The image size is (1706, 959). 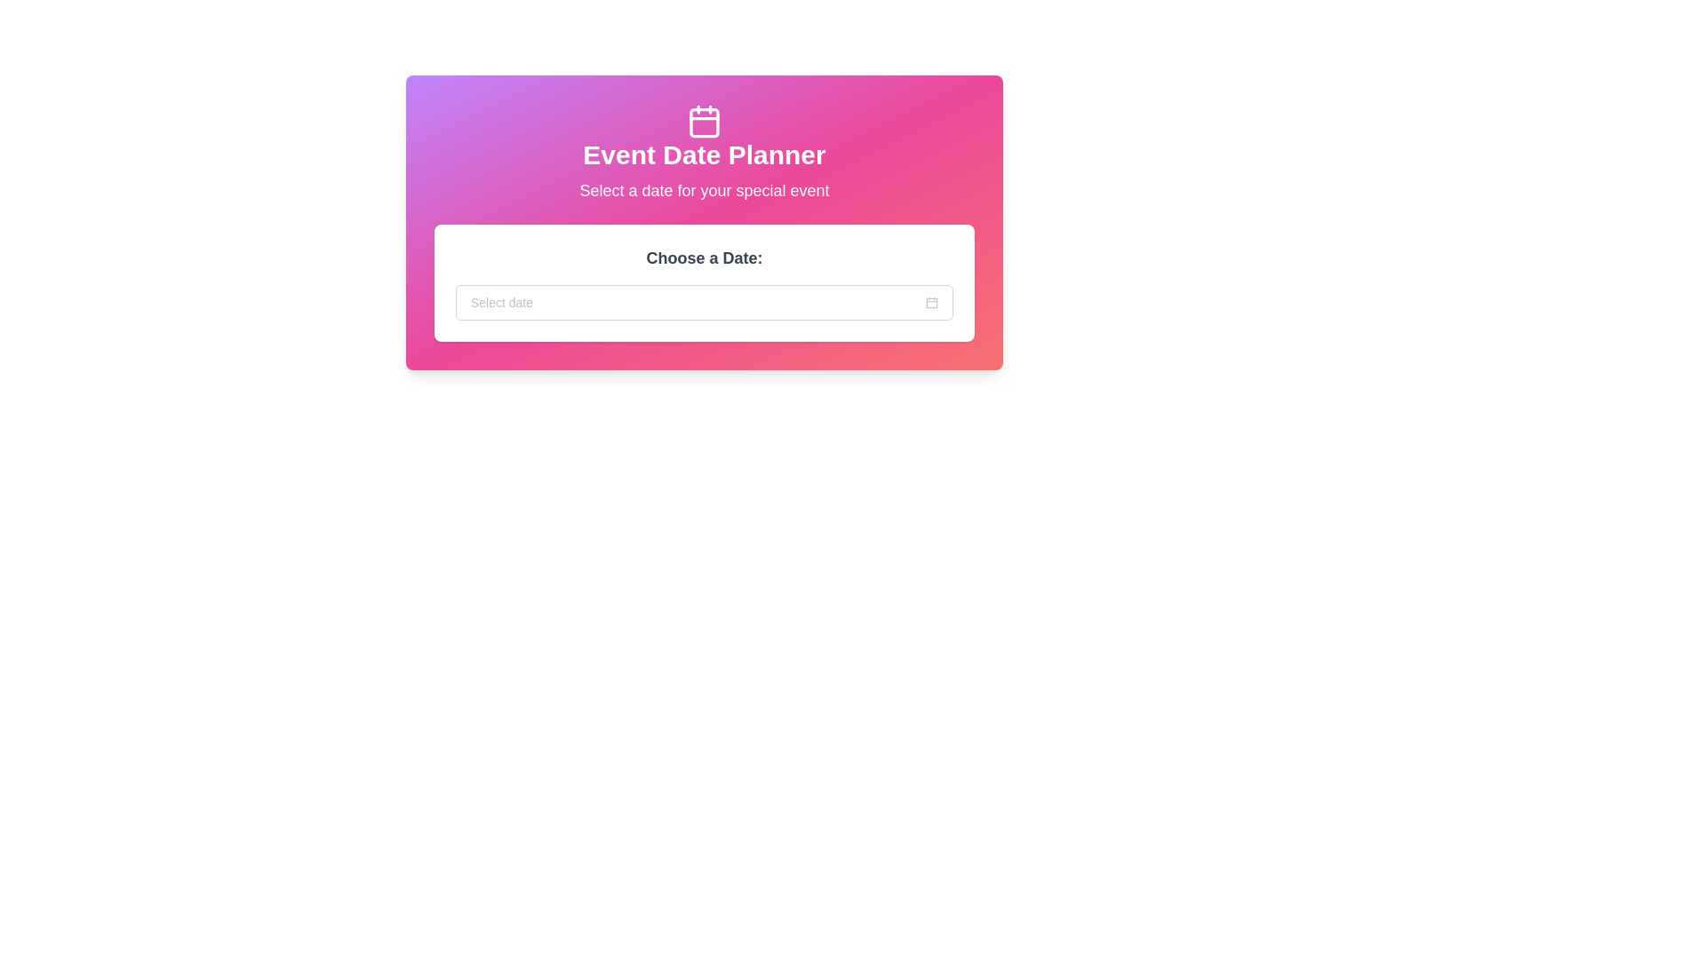 I want to click on the decorative calendar icon located at the top center of the 'Event Date Planner' card, positioned above the title text, so click(x=703, y=121).